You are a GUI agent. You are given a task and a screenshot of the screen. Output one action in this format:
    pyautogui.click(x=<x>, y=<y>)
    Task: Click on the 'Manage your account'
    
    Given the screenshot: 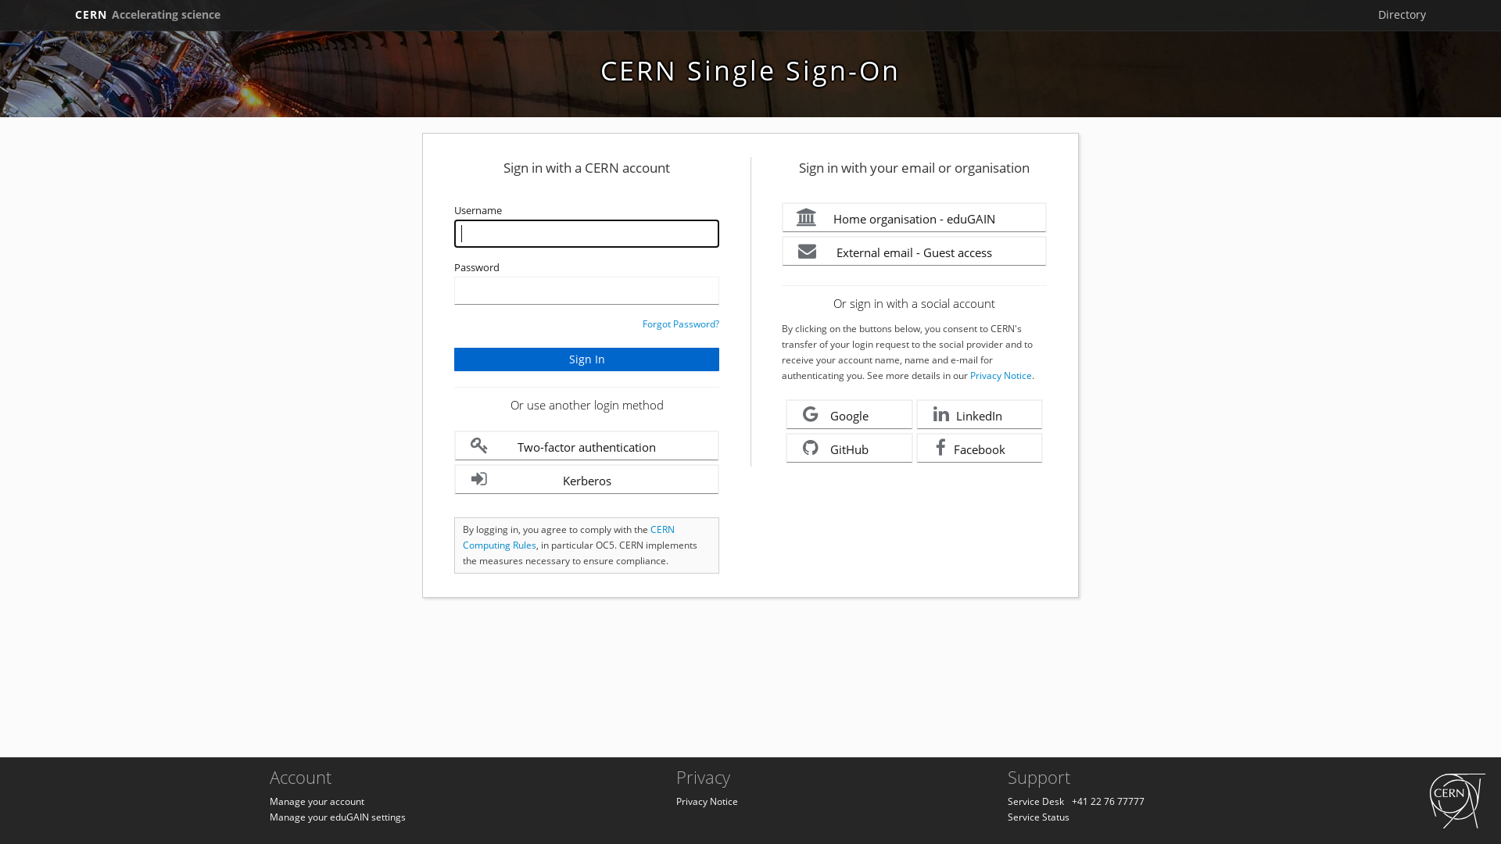 What is the action you would take?
    pyautogui.click(x=316, y=801)
    